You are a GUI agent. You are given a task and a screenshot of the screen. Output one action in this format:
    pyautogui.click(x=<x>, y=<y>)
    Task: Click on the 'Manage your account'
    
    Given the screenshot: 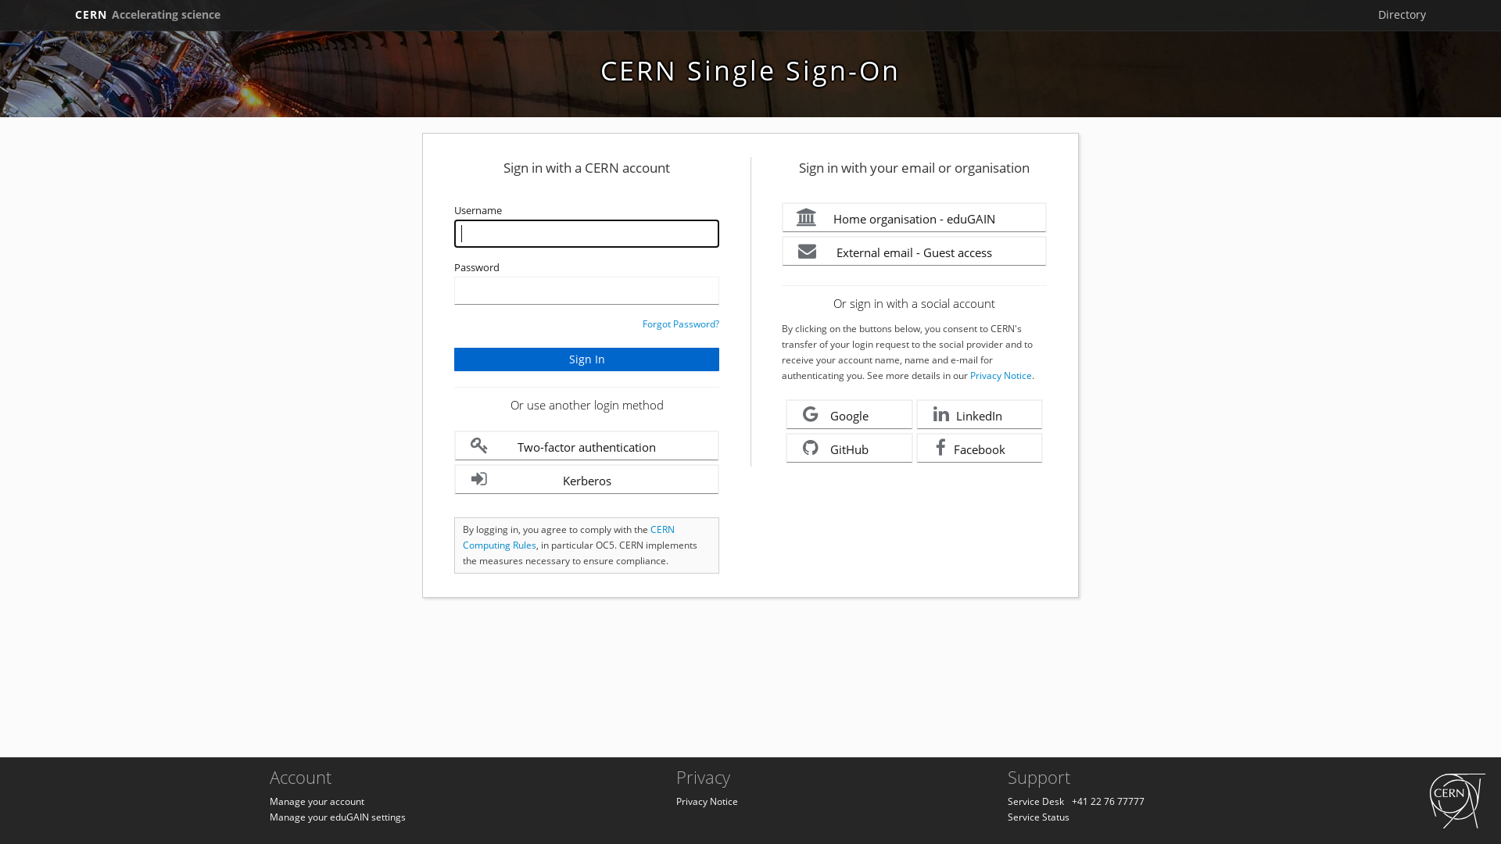 What is the action you would take?
    pyautogui.click(x=316, y=801)
    